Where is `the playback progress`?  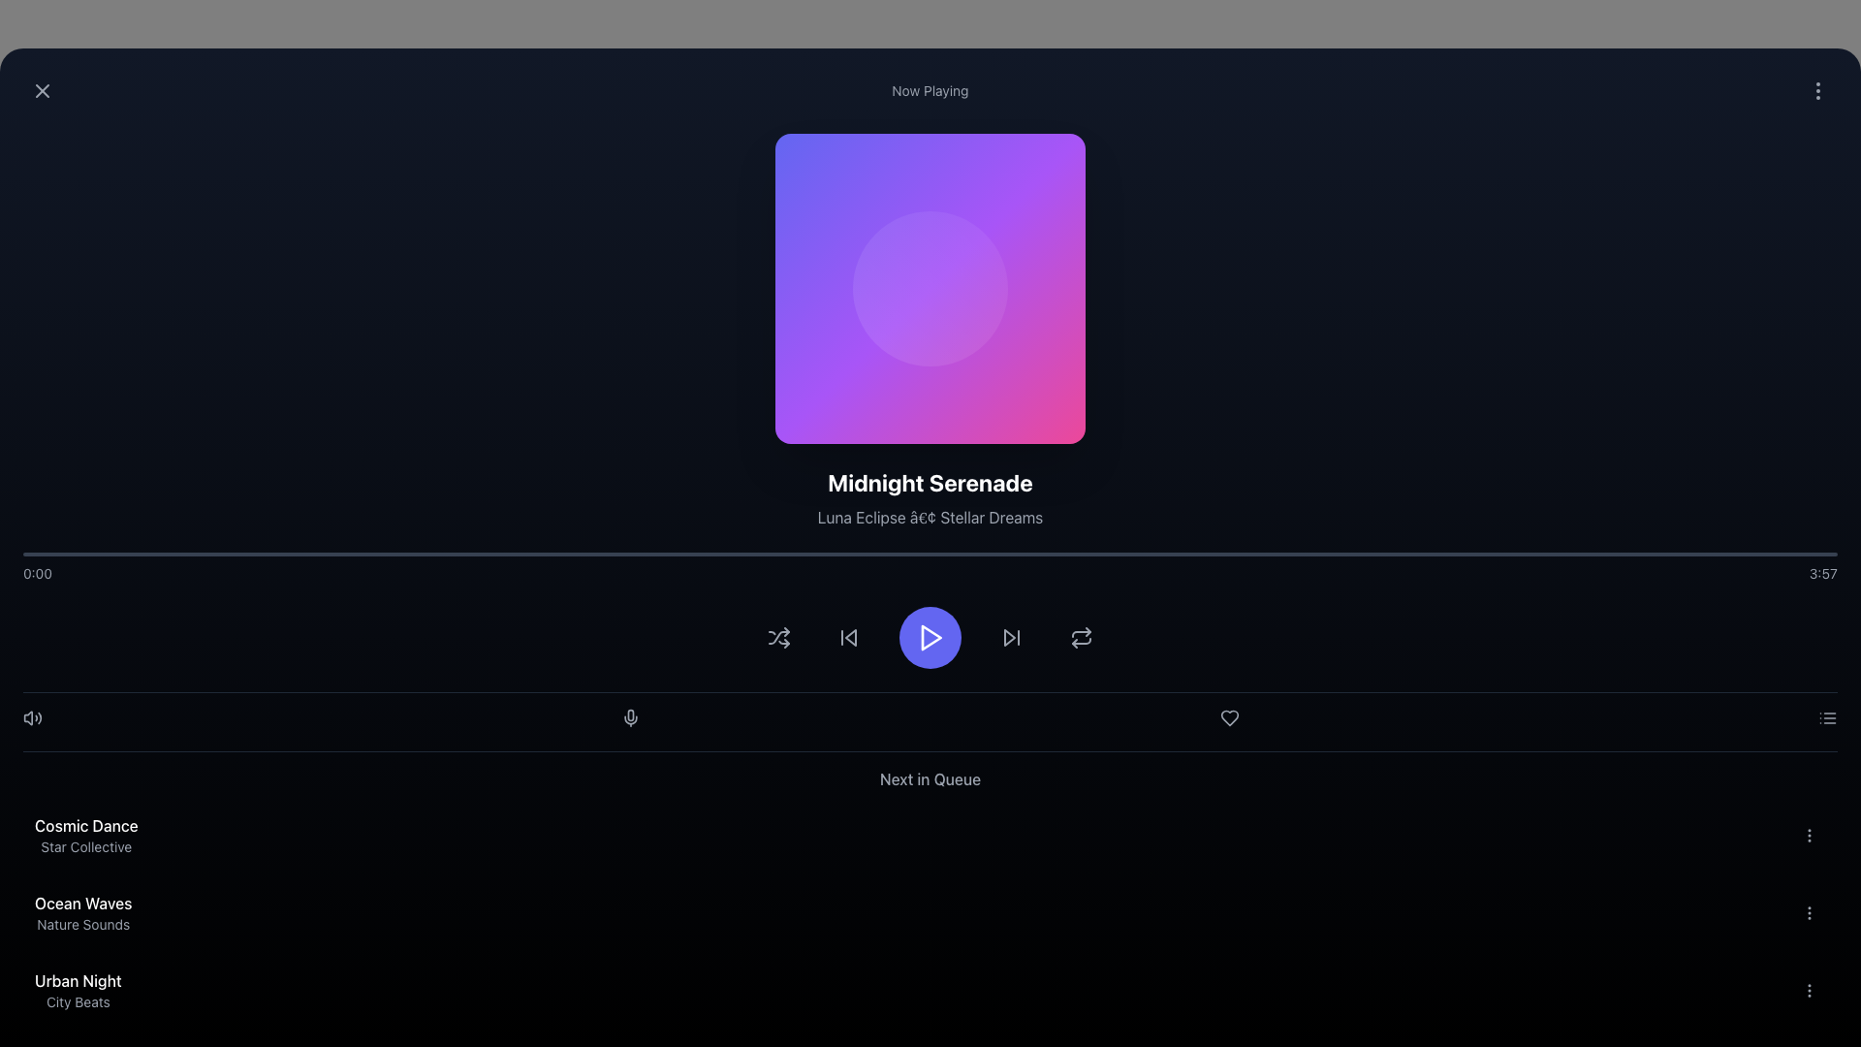 the playback progress is located at coordinates (640, 554).